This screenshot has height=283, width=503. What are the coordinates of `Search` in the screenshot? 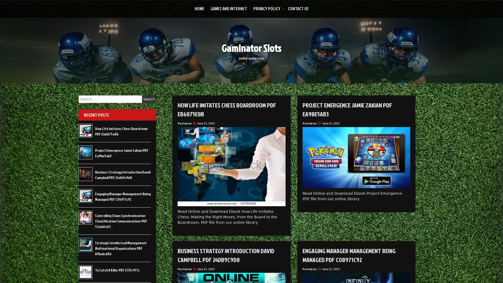 It's located at (149, 99).